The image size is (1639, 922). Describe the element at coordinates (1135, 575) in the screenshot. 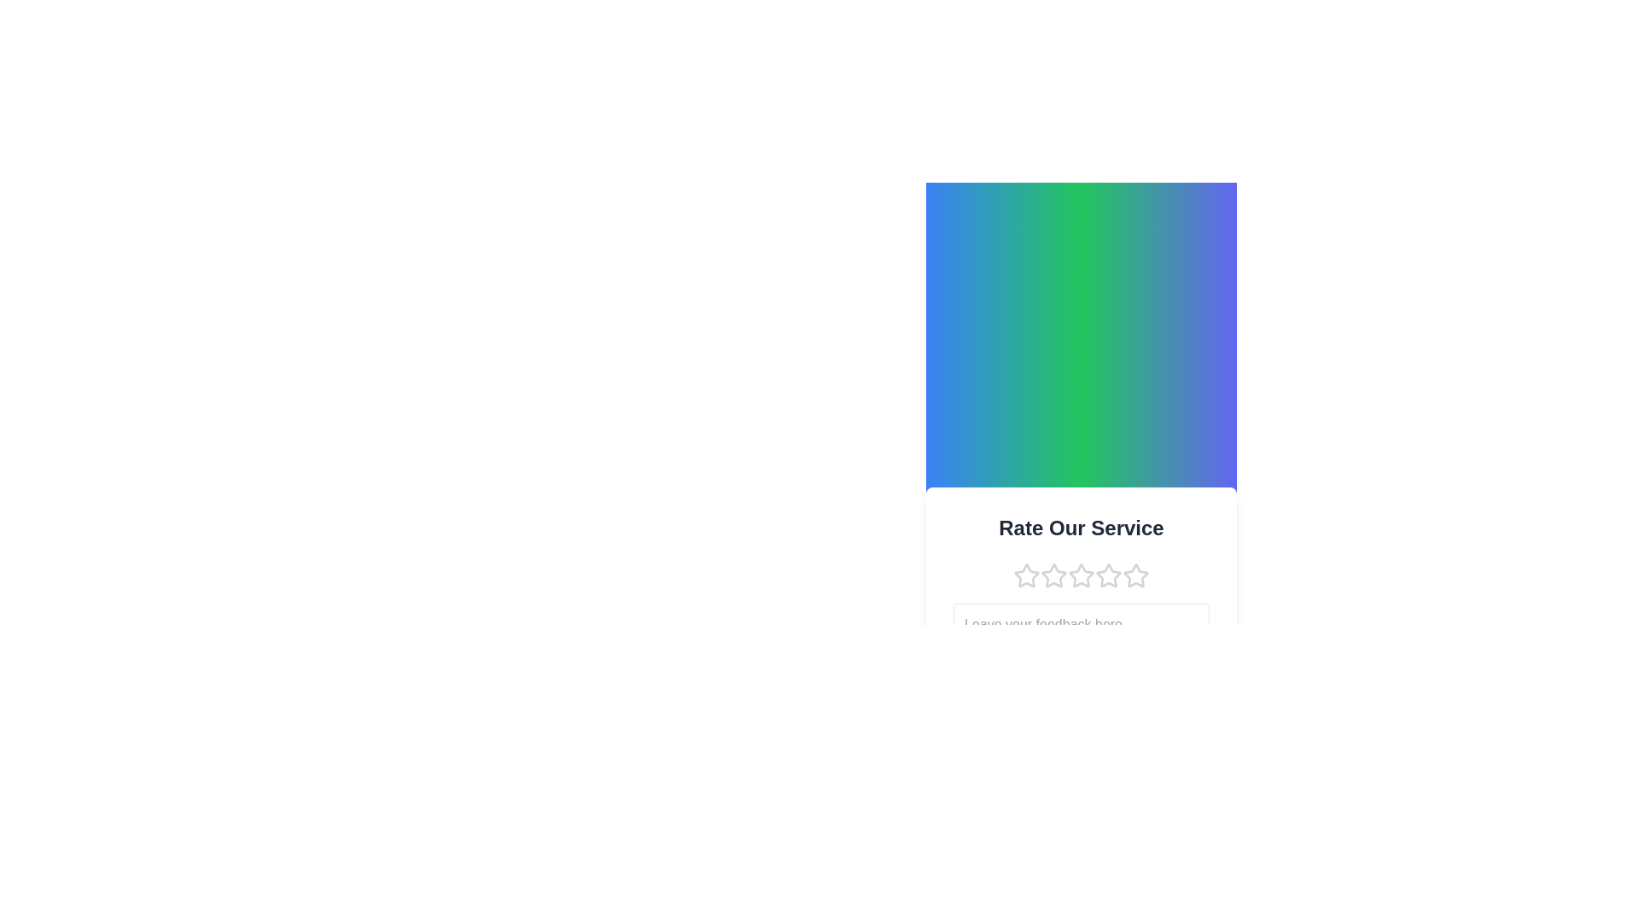

I see `the fifth star icon in the rating system under the label 'Rate Our Service'` at that location.